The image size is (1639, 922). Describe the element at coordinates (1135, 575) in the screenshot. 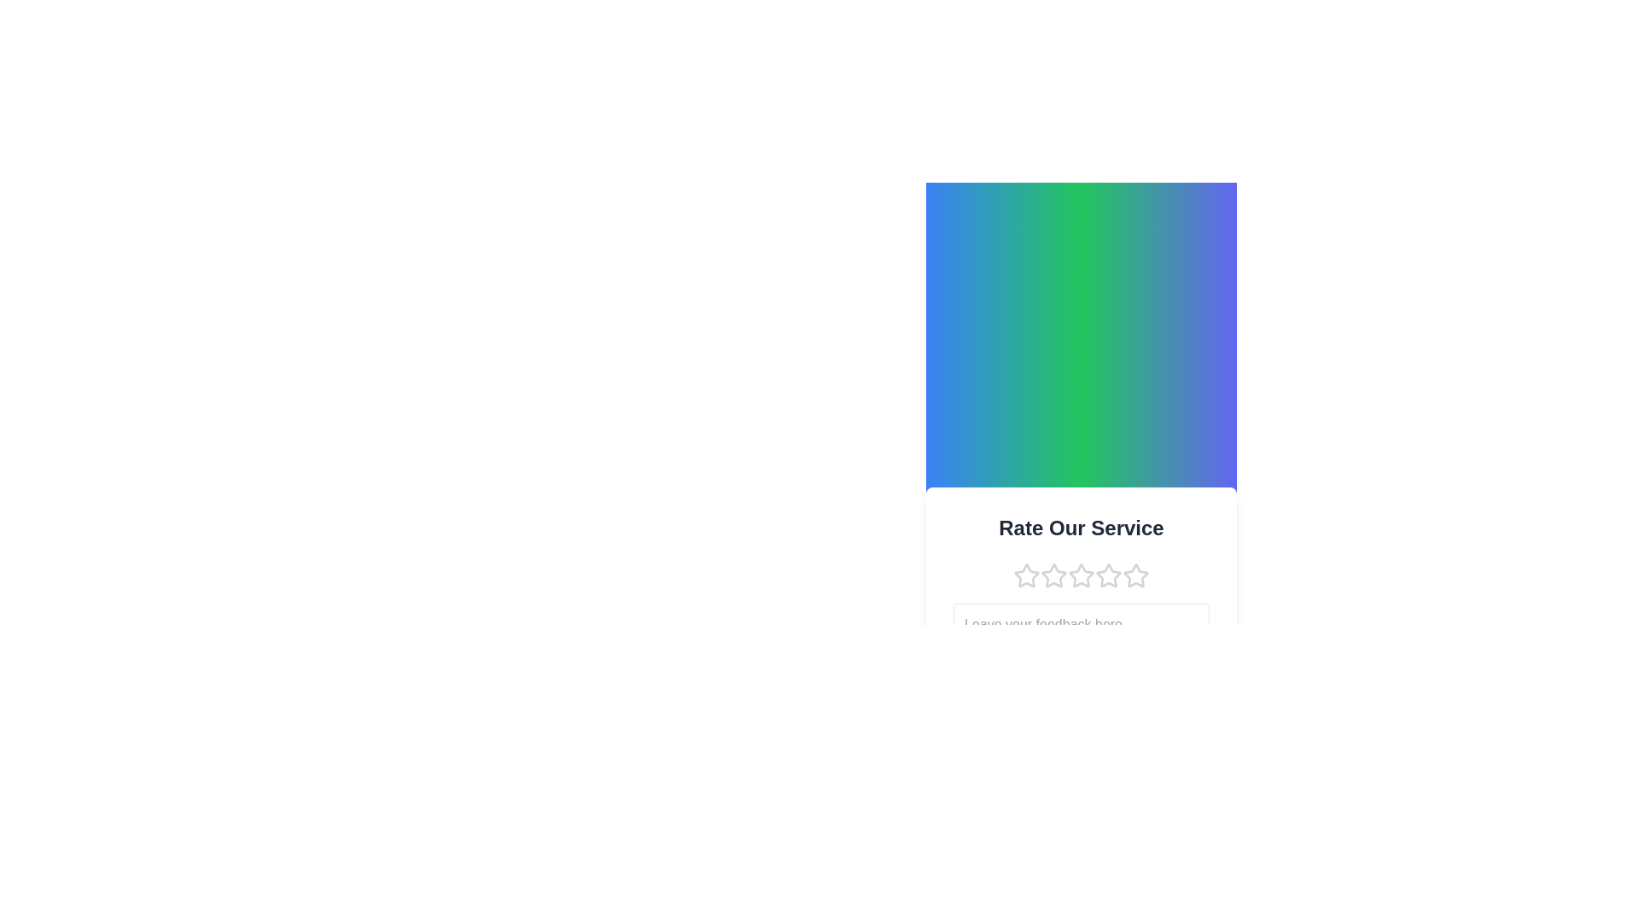

I see `the fifth star icon in the rating system under the label 'Rate Our Service'` at that location.